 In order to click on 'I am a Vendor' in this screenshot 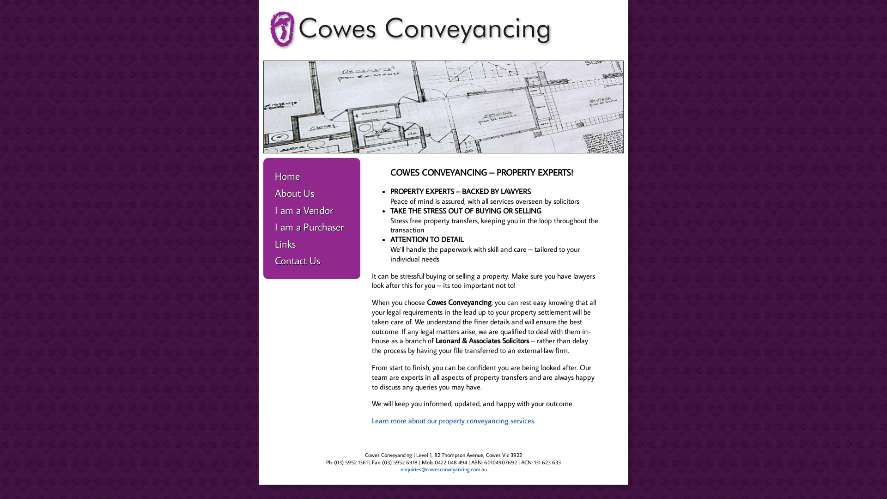, I will do `click(312, 210)`.